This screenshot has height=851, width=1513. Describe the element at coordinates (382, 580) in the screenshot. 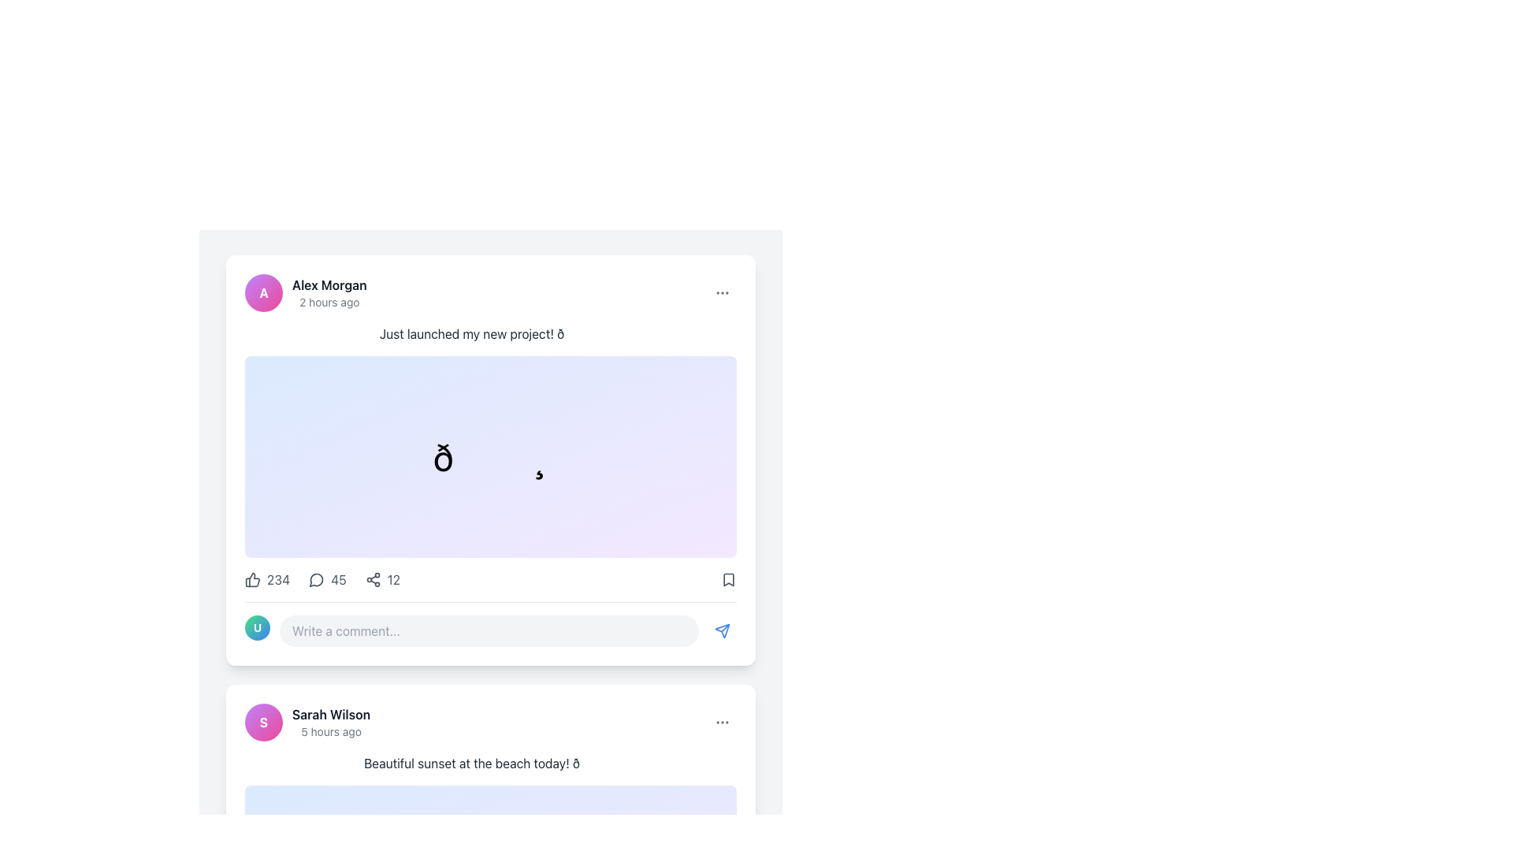

I see `the sharing icon with the text '12'` at that location.